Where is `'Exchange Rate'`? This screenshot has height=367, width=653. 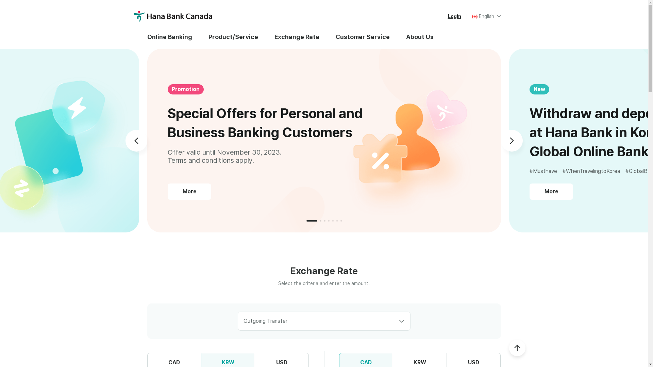
'Exchange Rate' is located at coordinates (266, 37).